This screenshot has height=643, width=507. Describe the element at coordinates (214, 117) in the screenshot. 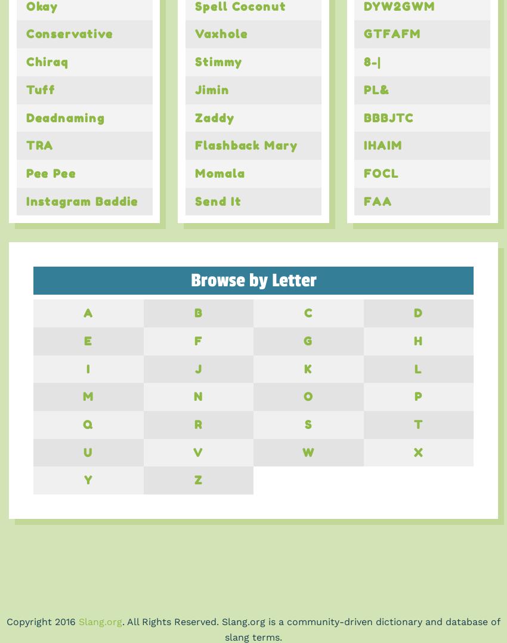

I see `'Zaddy'` at that location.